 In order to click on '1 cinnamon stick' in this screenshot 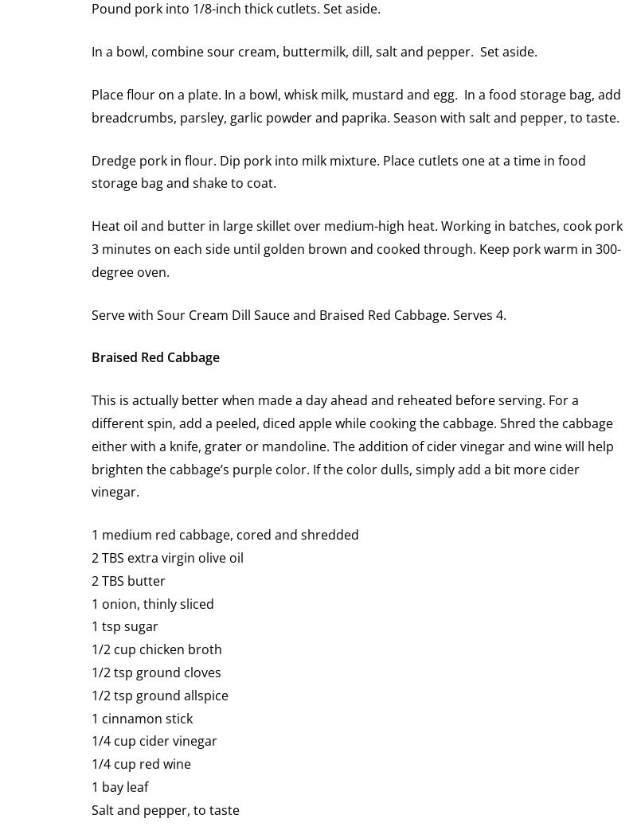, I will do `click(141, 717)`.